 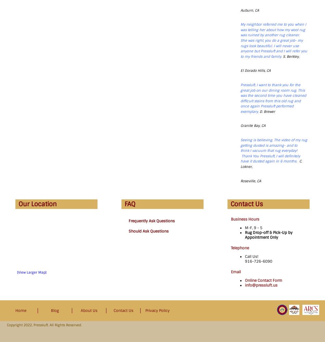 What do you see at coordinates (151, 221) in the screenshot?
I see `'Frequently Ask Questions'` at bounding box center [151, 221].